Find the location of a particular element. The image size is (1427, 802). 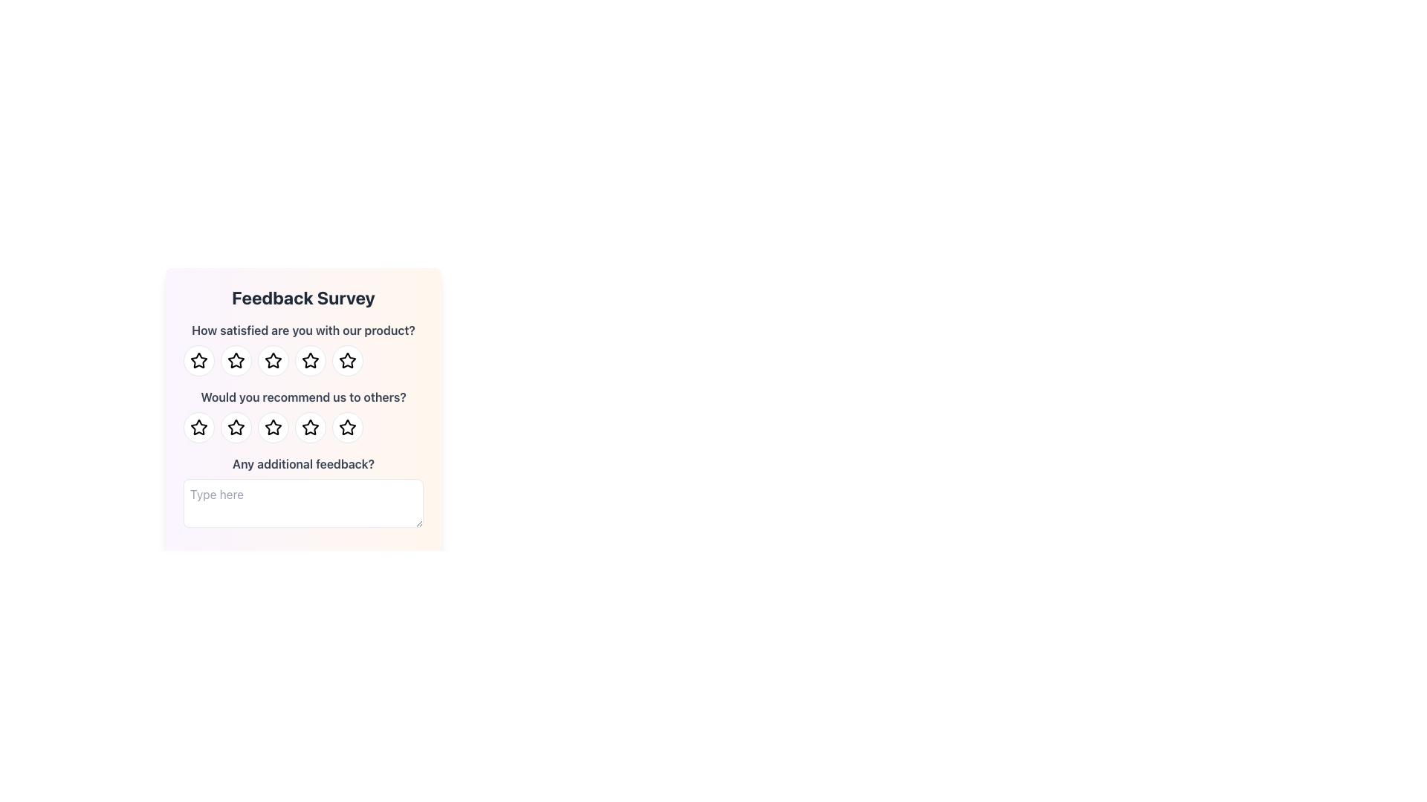

the circular button with a white background and black star icon is located at coordinates (235, 427).